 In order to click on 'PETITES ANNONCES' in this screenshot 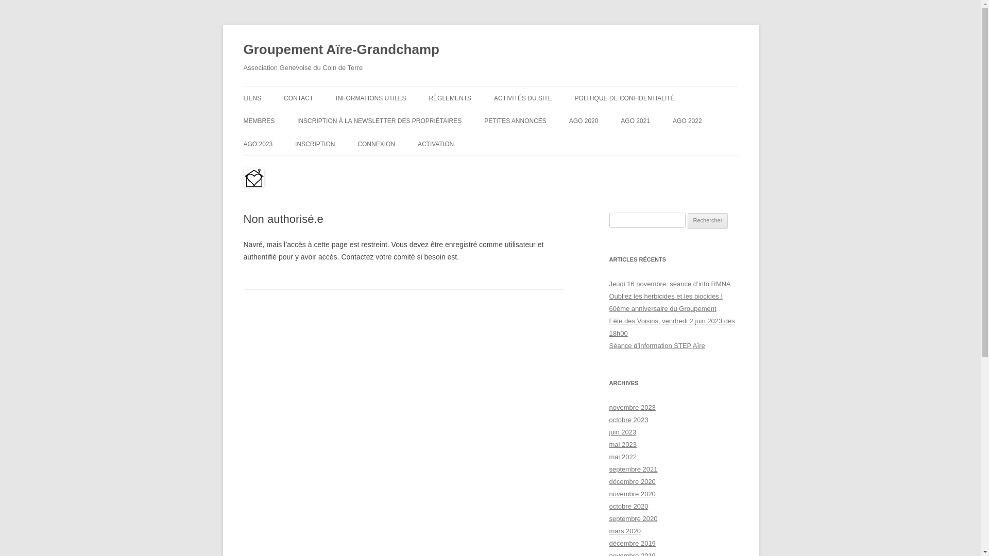, I will do `click(484, 120)`.